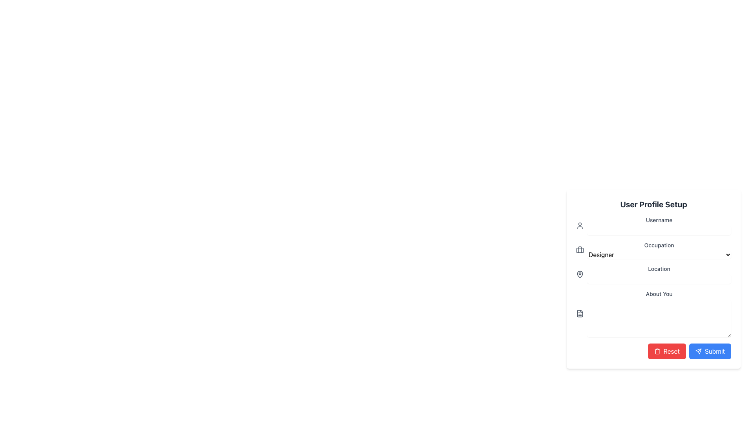 The width and height of the screenshot is (754, 424). What do you see at coordinates (580, 250) in the screenshot?
I see `the small briefcase icon, which is an outline styled in neutral gray, located in the 'Occupation' section of the 'User Profile Setup' form, to the left of the 'Designer' text input field` at bounding box center [580, 250].